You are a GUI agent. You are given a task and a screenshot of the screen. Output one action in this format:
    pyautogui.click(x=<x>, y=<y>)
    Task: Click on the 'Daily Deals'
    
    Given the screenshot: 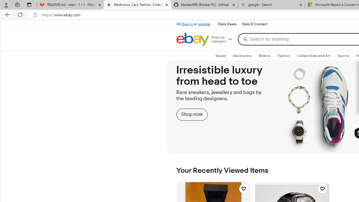 What is the action you would take?
    pyautogui.click(x=227, y=24)
    